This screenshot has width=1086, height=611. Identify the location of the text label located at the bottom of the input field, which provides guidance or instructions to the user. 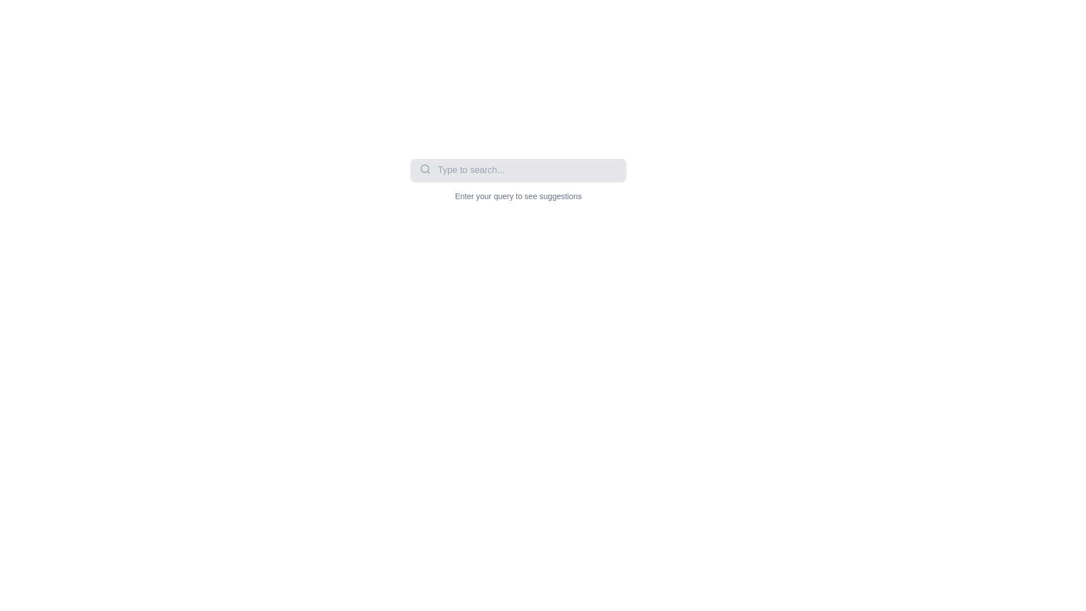
(518, 196).